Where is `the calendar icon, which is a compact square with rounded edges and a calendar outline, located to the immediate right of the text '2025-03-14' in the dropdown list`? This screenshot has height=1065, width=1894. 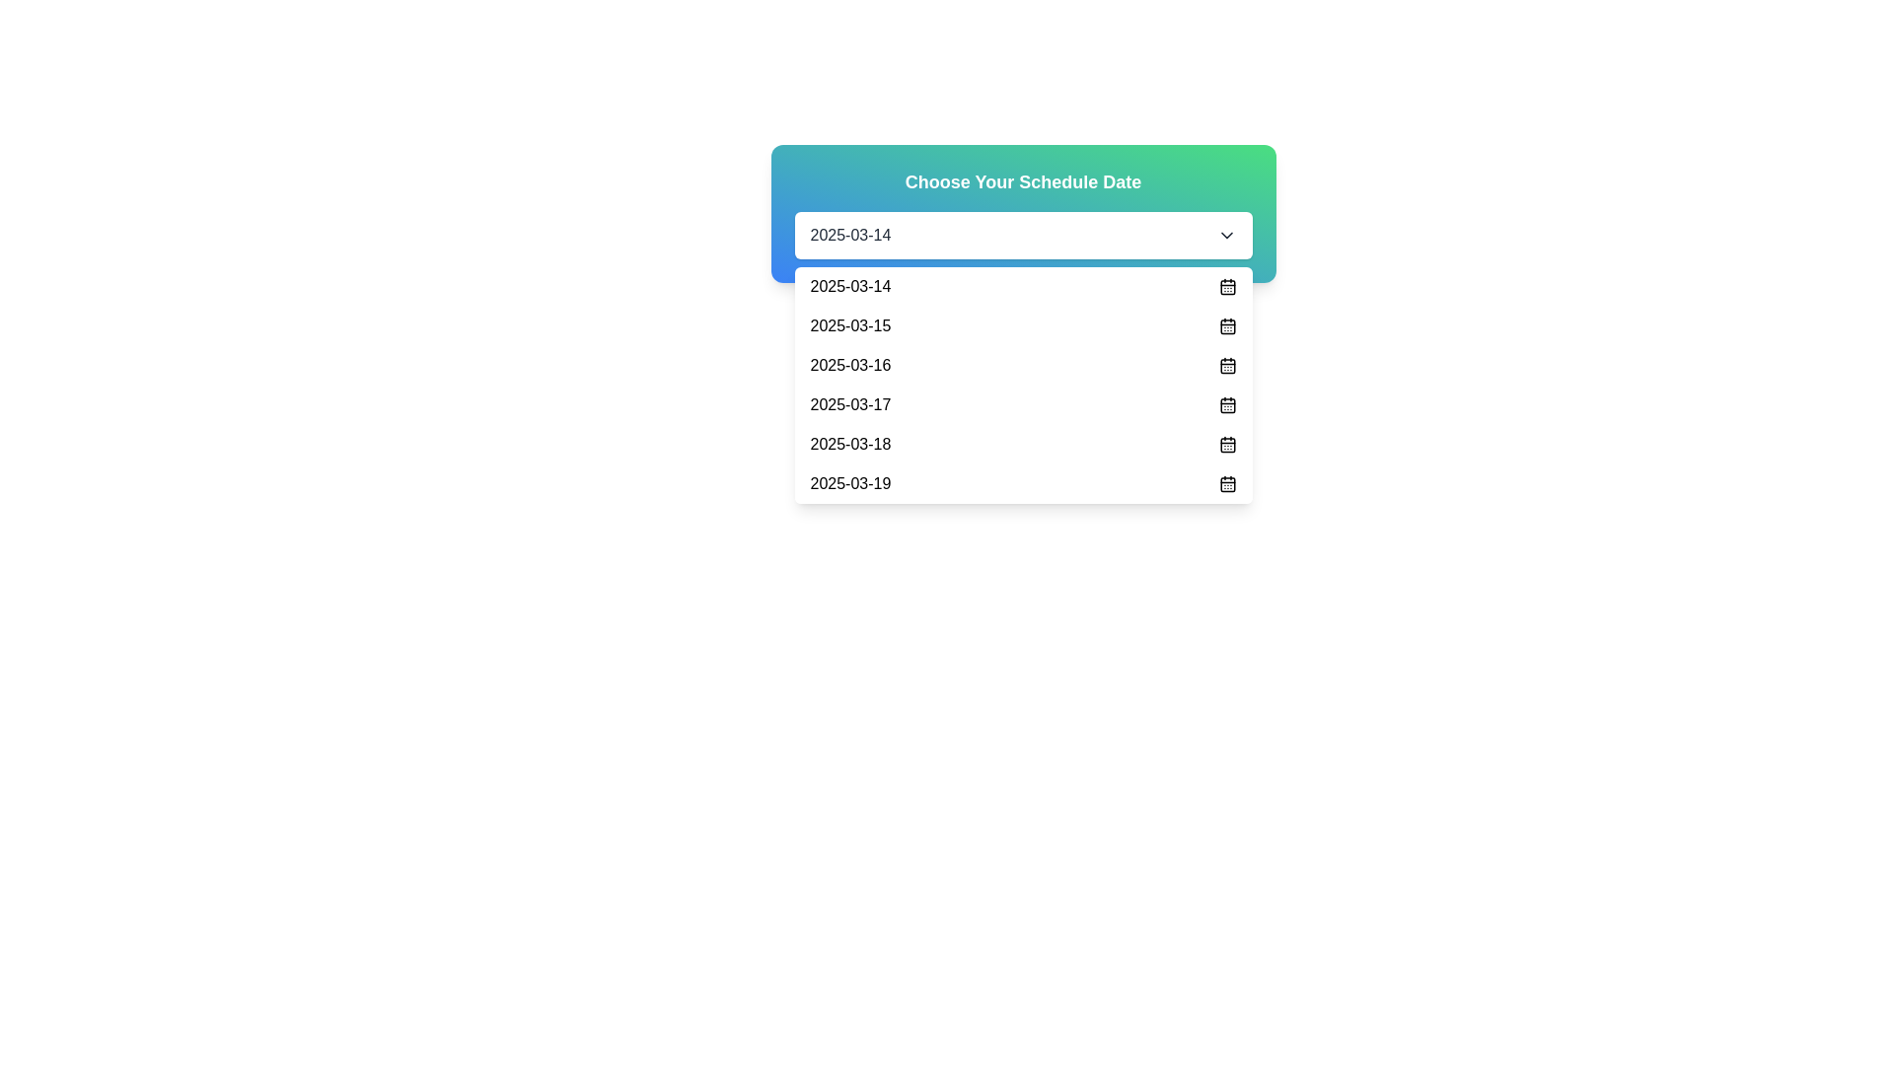 the calendar icon, which is a compact square with rounded edges and a calendar outline, located to the immediate right of the text '2025-03-14' in the dropdown list is located at coordinates (1226, 286).